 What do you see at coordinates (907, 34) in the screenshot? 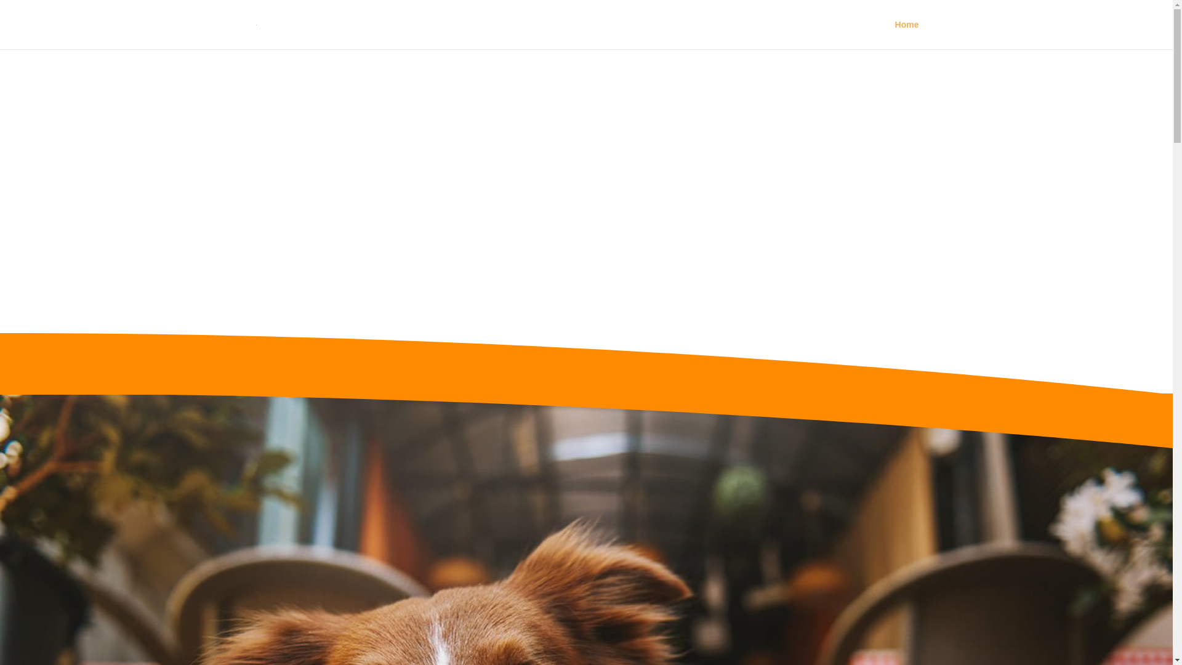
I see `'Home'` at bounding box center [907, 34].